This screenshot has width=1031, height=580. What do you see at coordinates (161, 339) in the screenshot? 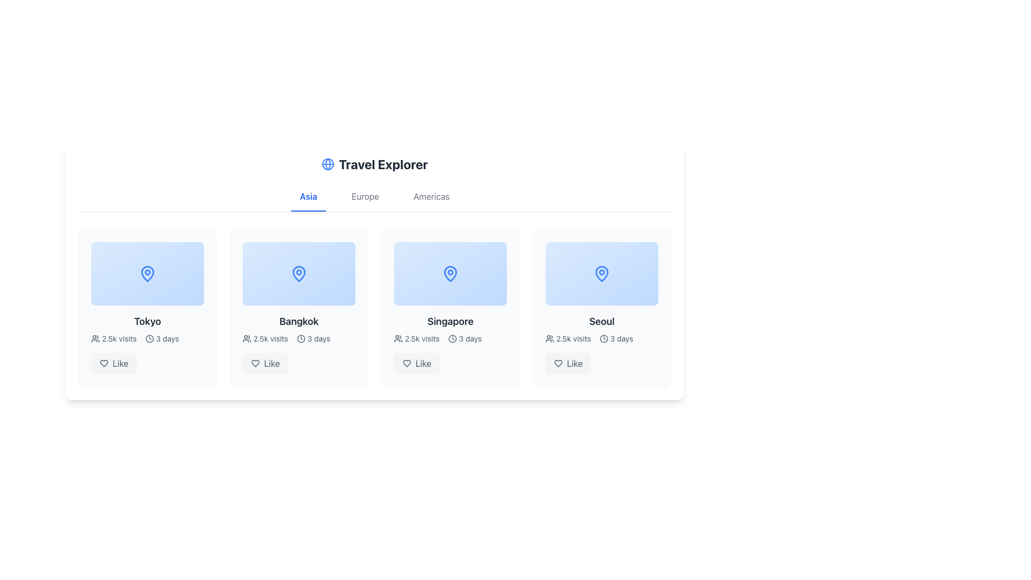
I see `the duration indicator element located within the 'Tokyo' card, which displays the time duration related to the main content, positioned rightmost on the row with '2.5k visits' text and a heart-shaped 'Like' button` at bounding box center [161, 339].